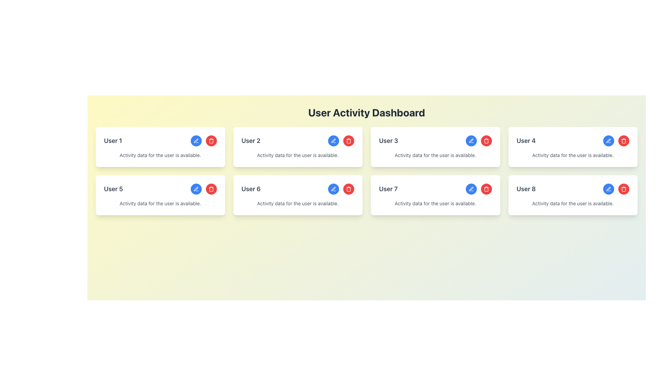 This screenshot has height=372, width=661. Describe the element at coordinates (471, 189) in the screenshot. I see `the circular blue button with a white border and a pen icon located at the top-right corner of the user information card for 'User 7'` at that location.